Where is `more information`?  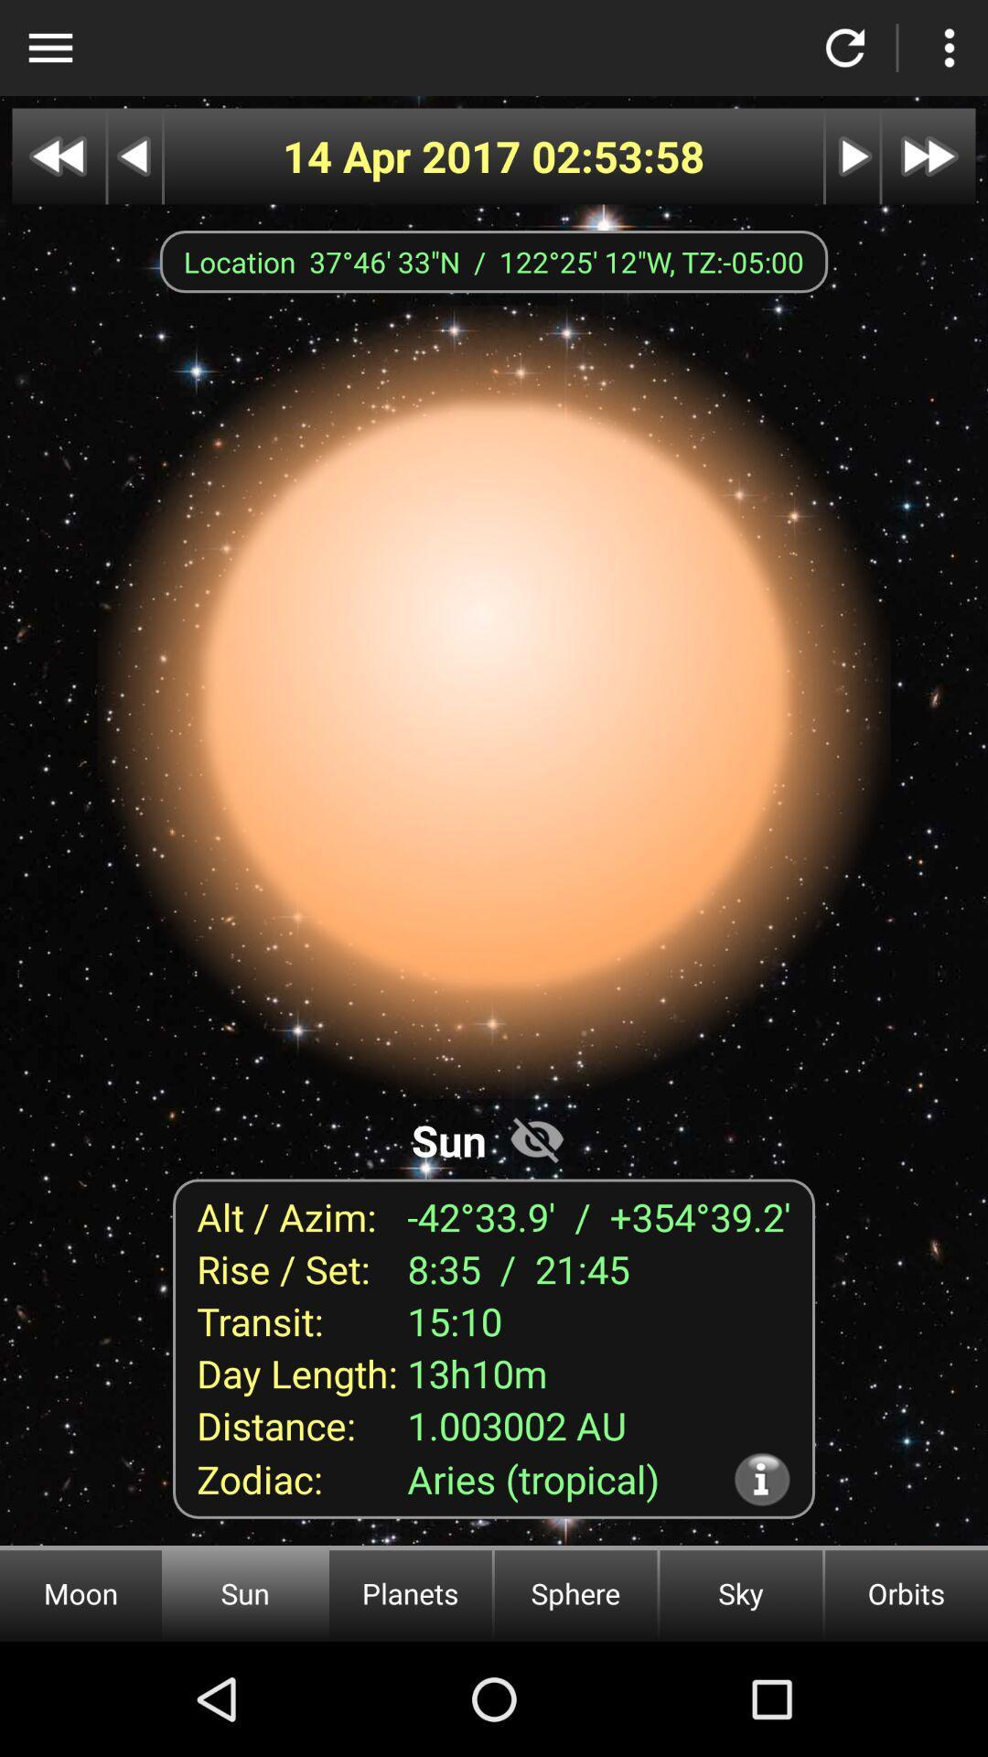 more information is located at coordinates (762, 1479).